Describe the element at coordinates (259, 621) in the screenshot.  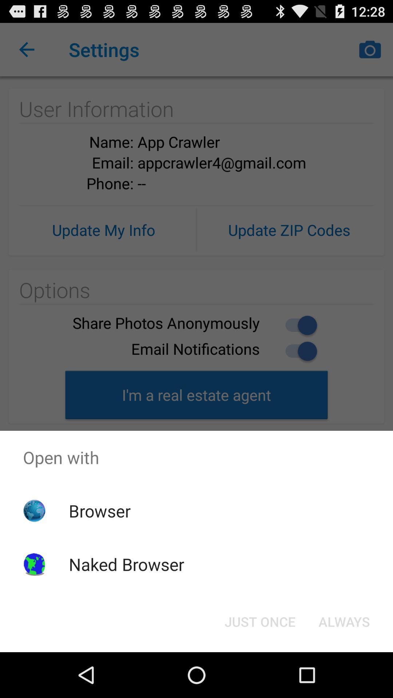
I see `the just once button` at that location.